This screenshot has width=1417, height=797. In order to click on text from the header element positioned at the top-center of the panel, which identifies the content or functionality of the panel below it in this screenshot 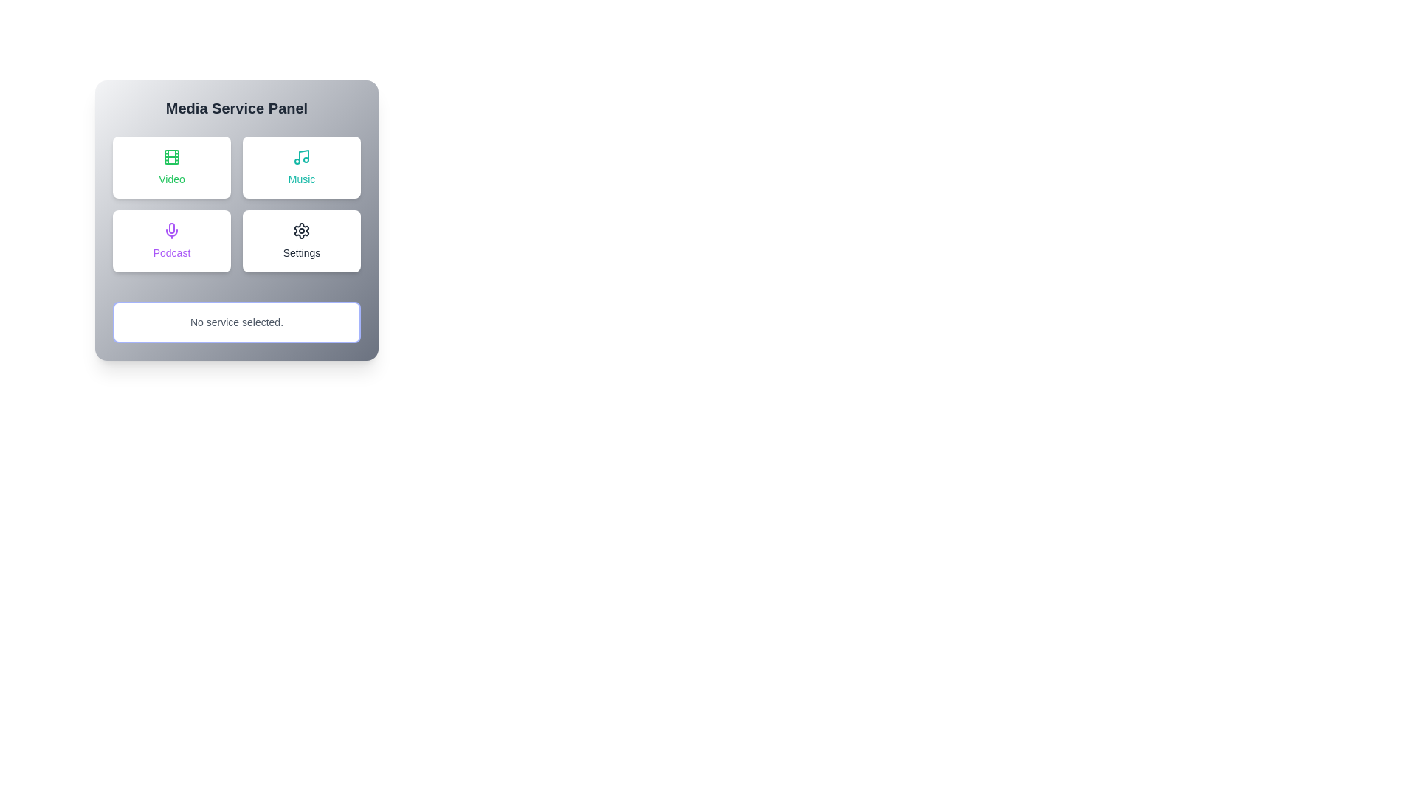, I will do `click(237, 107)`.